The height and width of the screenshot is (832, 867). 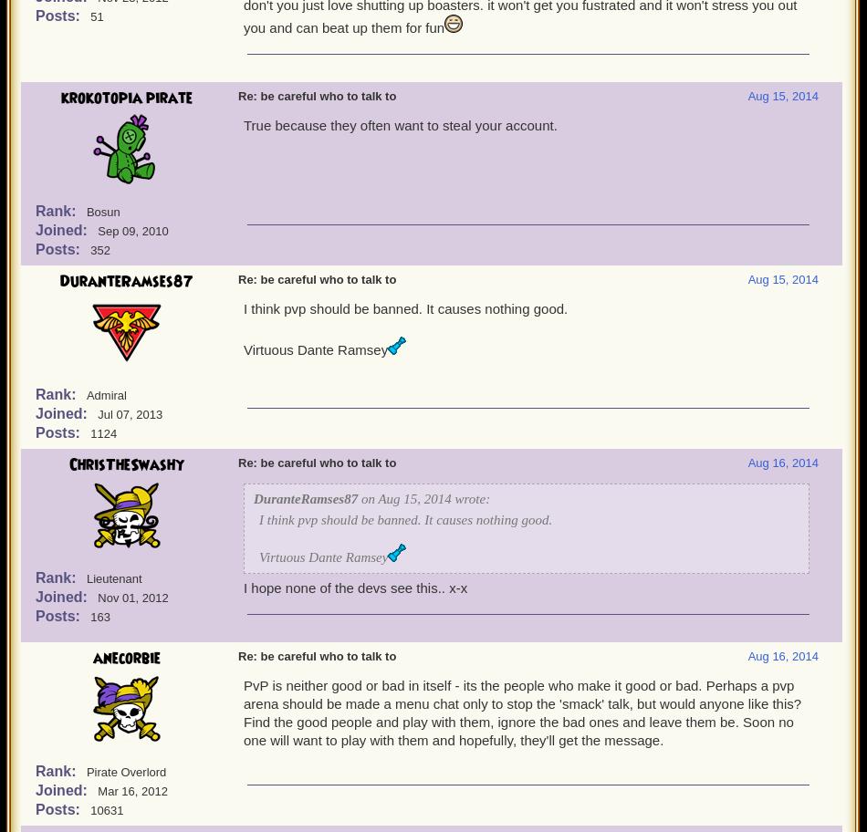 What do you see at coordinates (354, 588) in the screenshot?
I see `'I hope none of the devs see this.. x-x'` at bounding box center [354, 588].